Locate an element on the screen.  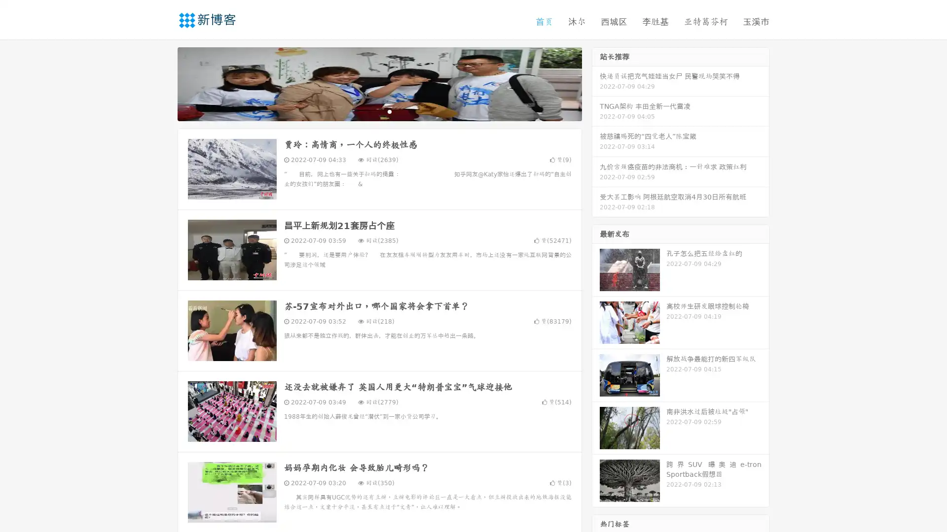
Go to slide 3 is located at coordinates (389, 111).